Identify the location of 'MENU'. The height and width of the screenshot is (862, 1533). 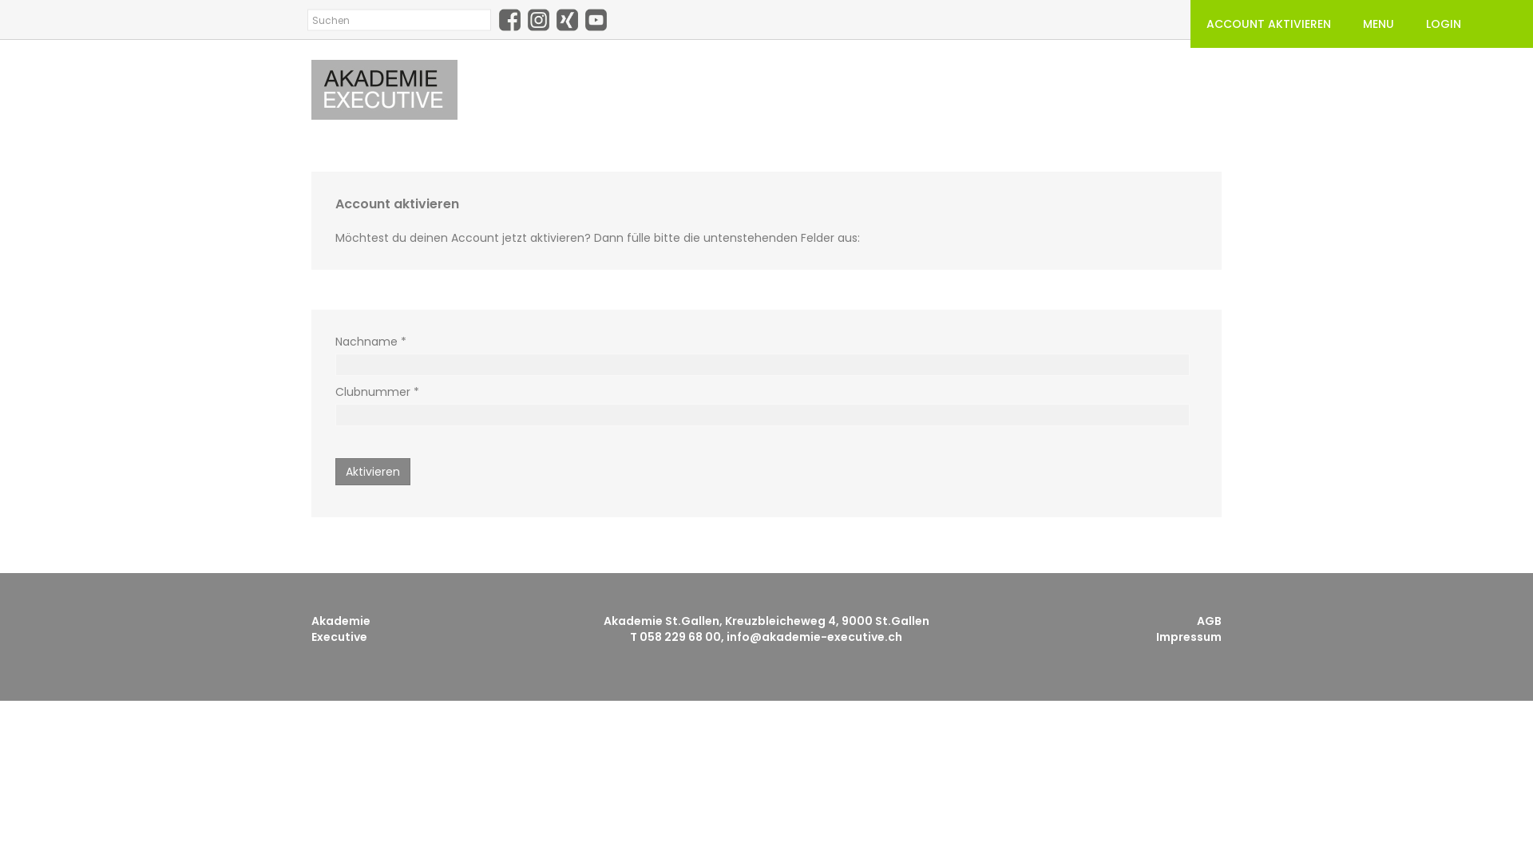
(1345, 24).